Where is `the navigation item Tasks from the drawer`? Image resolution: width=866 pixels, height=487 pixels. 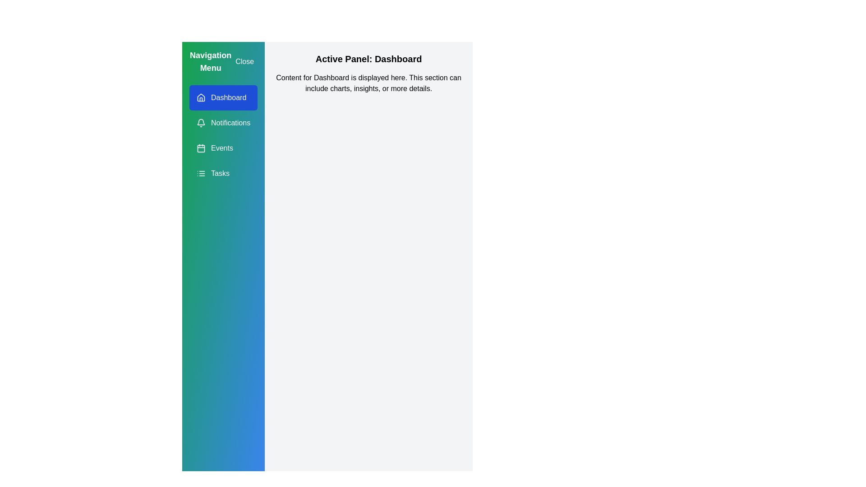
the navigation item Tasks from the drawer is located at coordinates (223, 174).